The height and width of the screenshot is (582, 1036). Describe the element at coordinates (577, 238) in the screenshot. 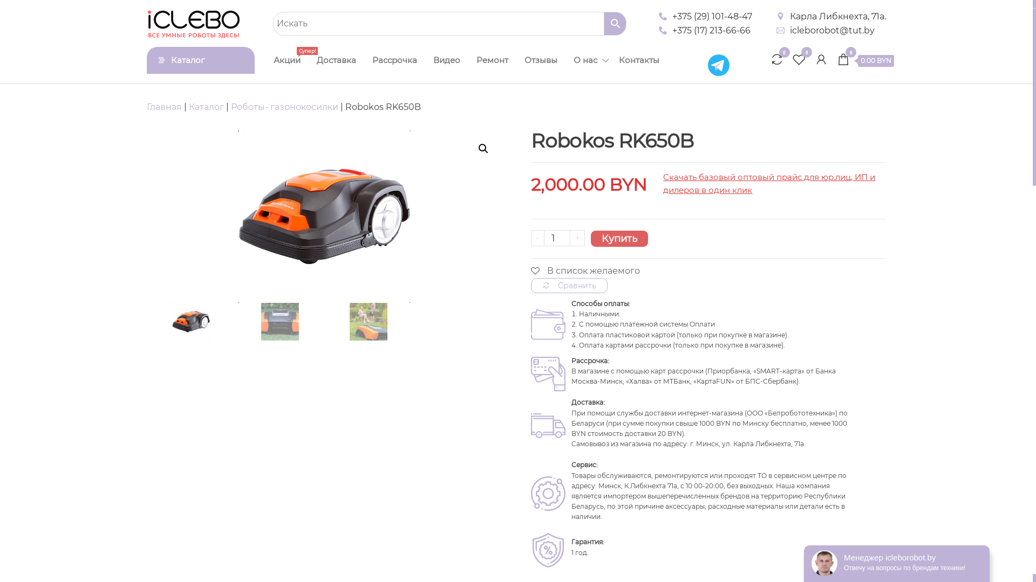

I see `'+'` at that location.